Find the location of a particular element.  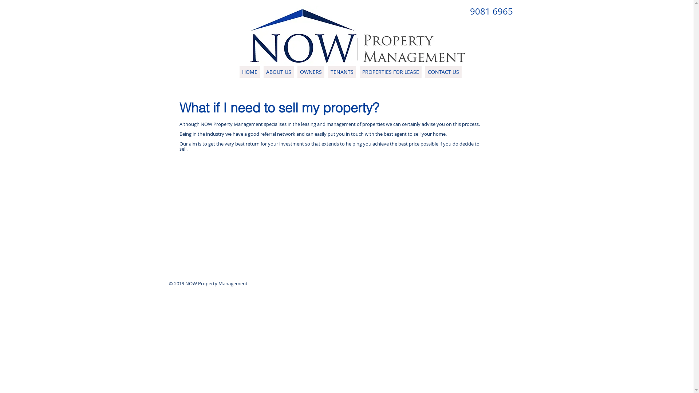

'OWNERS' is located at coordinates (311, 72).